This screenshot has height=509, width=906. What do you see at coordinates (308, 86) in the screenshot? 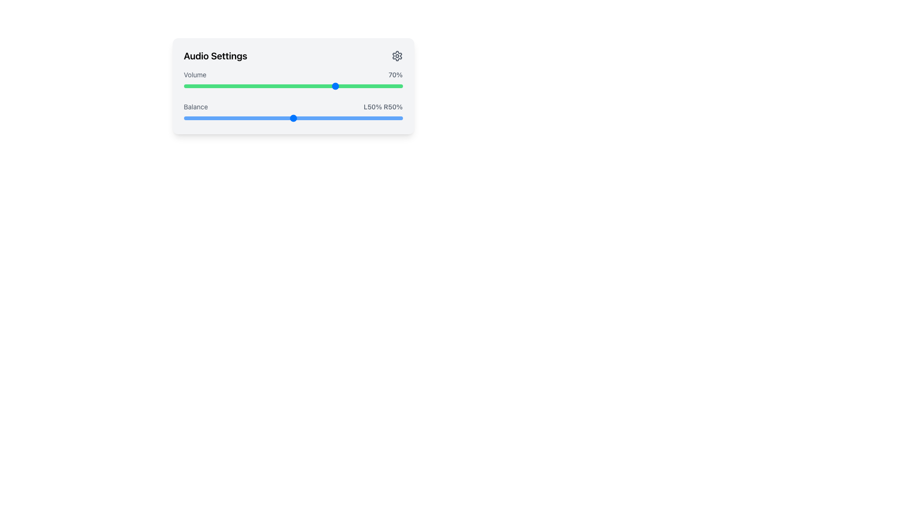
I see `the volume level` at bounding box center [308, 86].